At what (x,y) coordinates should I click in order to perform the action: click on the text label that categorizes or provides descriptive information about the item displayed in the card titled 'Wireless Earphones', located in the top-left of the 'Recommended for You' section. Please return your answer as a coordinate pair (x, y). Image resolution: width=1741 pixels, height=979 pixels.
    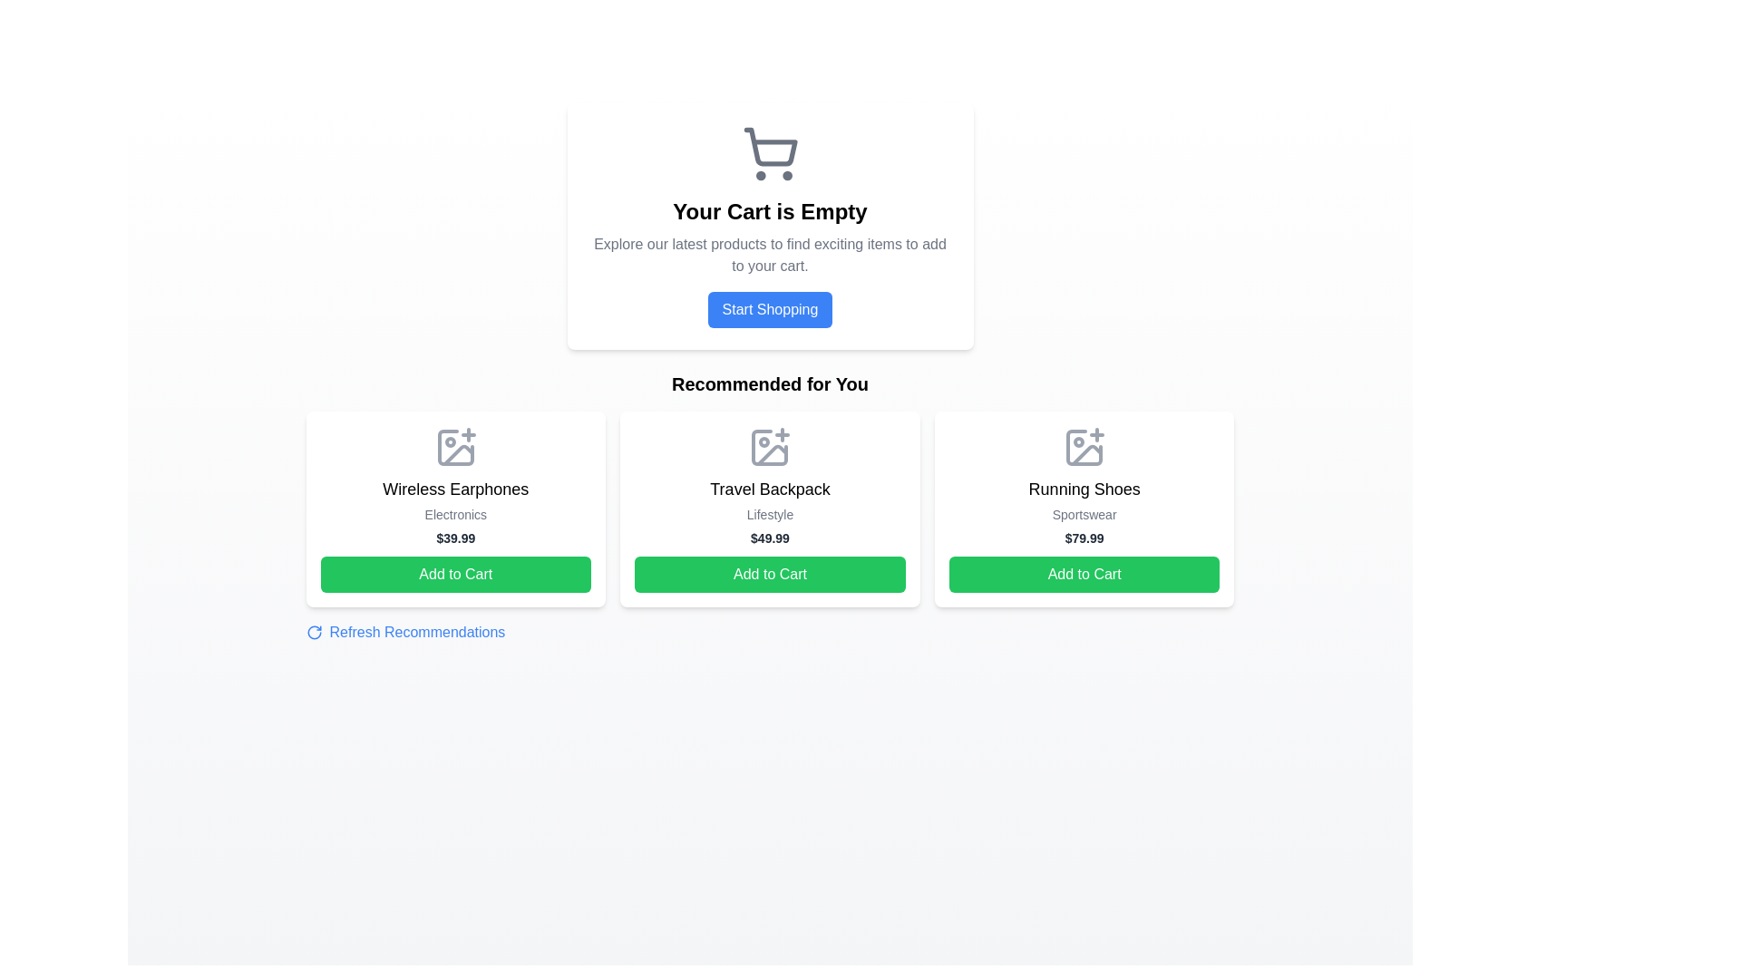
    Looking at the image, I should click on (455, 514).